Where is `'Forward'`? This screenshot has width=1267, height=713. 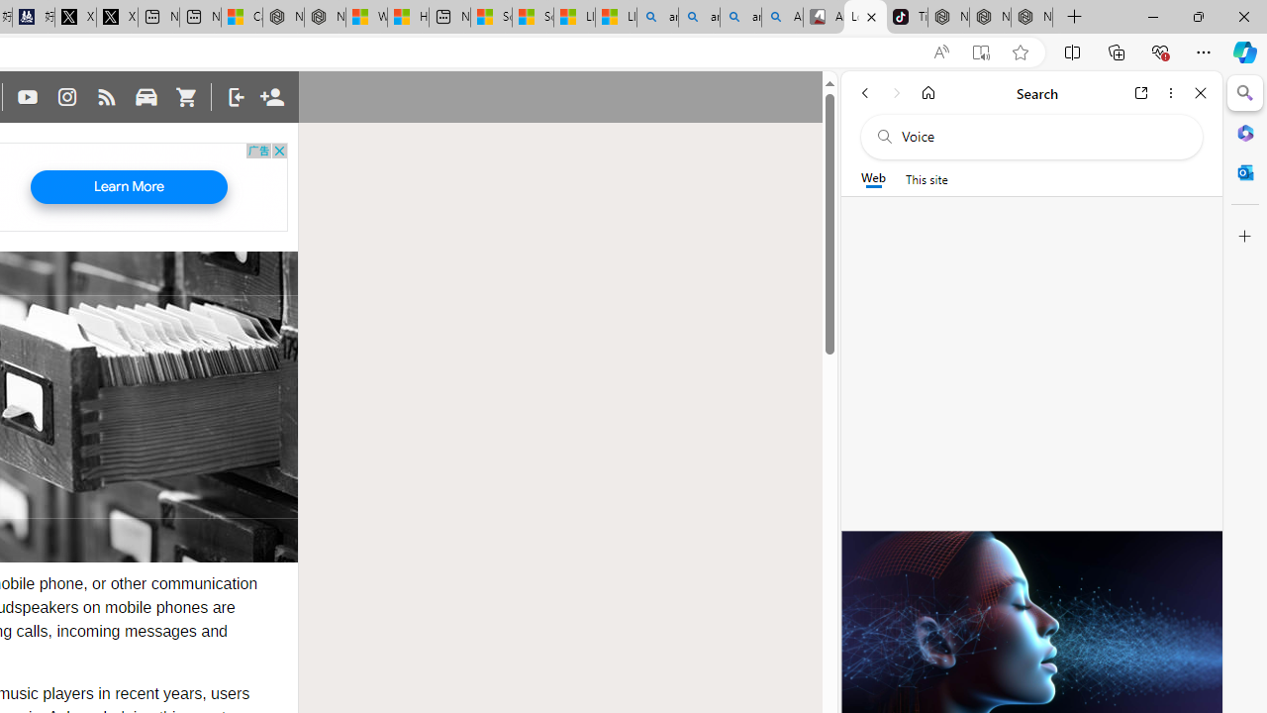
'Forward' is located at coordinates (896, 92).